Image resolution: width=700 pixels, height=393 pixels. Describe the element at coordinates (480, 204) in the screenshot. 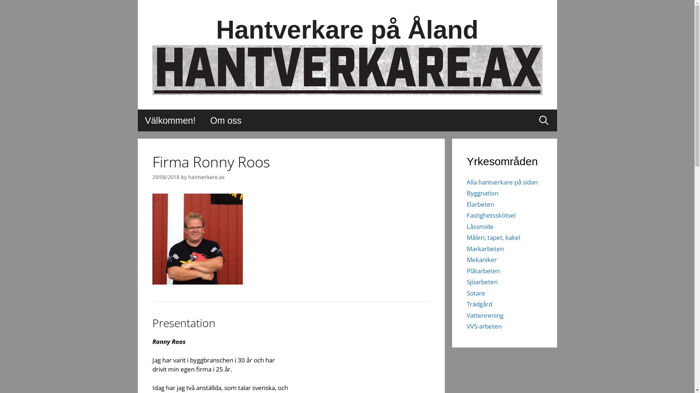

I see `'Elarbeten'` at that location.